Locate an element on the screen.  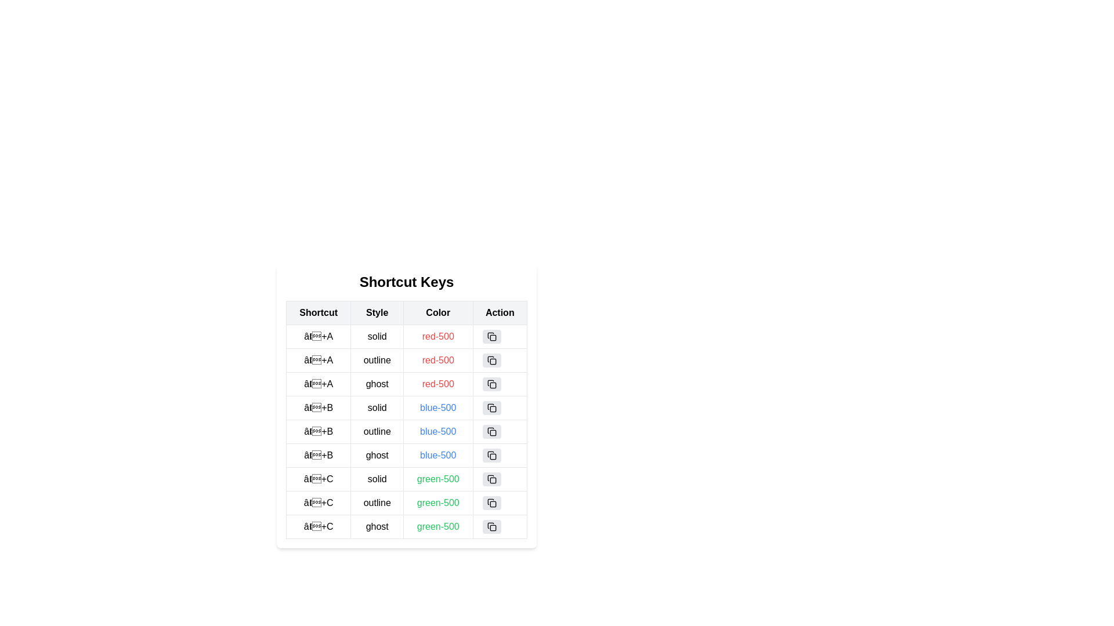
the text element displaying 'ghost' which is located in the second column of the 'Shortcut Keys' table, positioned between the '⌘+A' shortcut and 'red-500' color is located at coordinates (377, 384).